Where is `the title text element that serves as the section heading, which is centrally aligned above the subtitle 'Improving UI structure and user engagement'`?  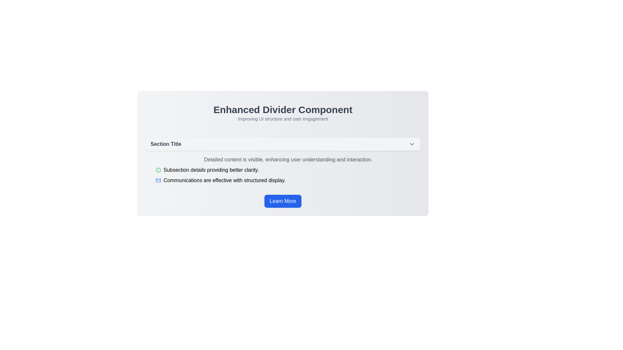
the title text element that serves as the section heading, which is centrally aligned above the subtitle 'Improving UI structure and user engagement' is located at coordinates (283, 110).